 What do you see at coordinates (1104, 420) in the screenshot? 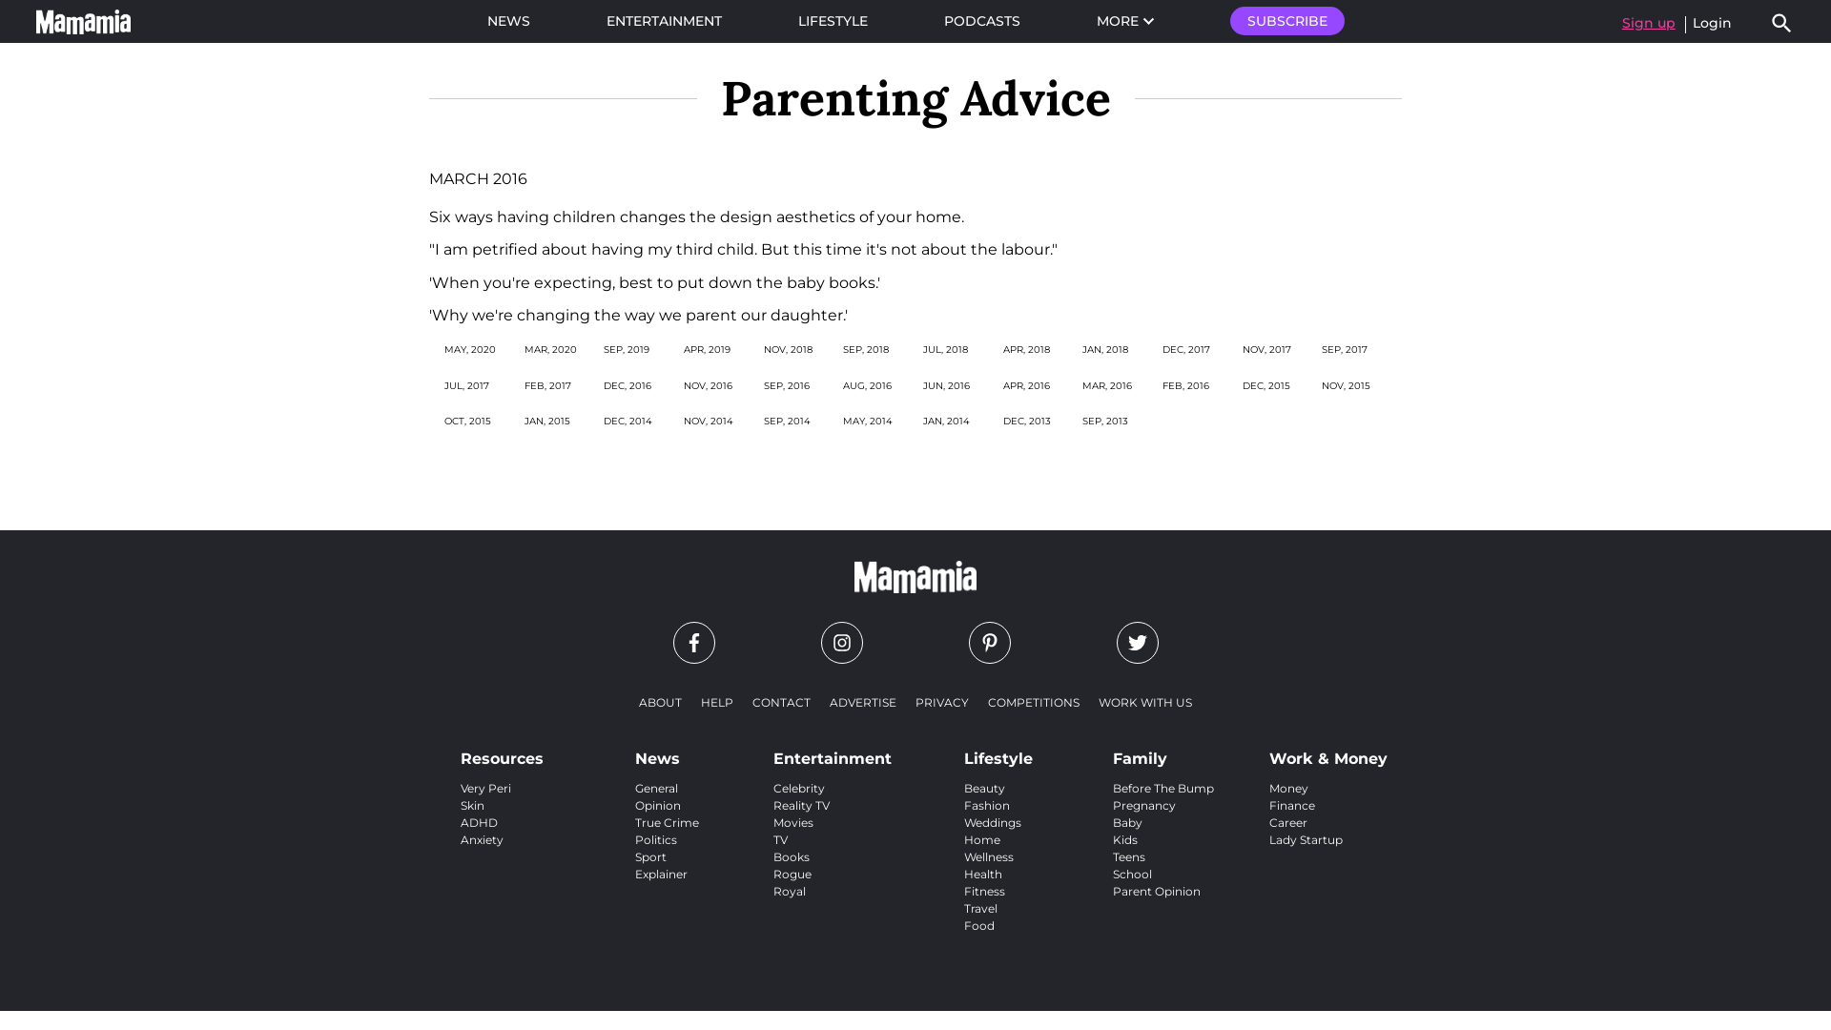
I see `'SEP, 2013'` at bounding box center [1104, 420].